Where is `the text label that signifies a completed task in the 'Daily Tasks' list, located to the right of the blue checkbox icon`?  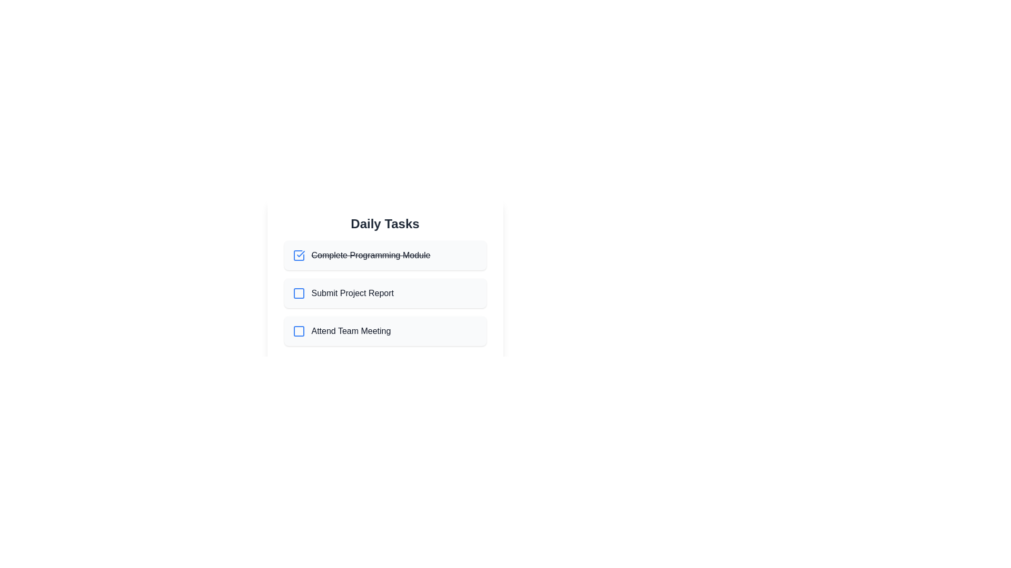 the text label that signifies a completed task in the 'Daily Tasks' list, located to the right of the blue checkbox icon is located at coordinates (371, 256).